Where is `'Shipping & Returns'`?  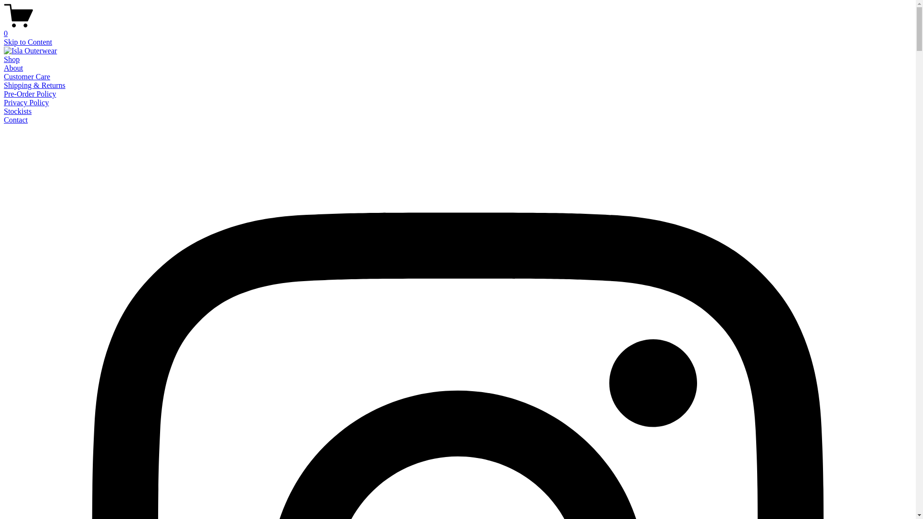
'Shipping & Returns' is located at coordinates (35, 85).